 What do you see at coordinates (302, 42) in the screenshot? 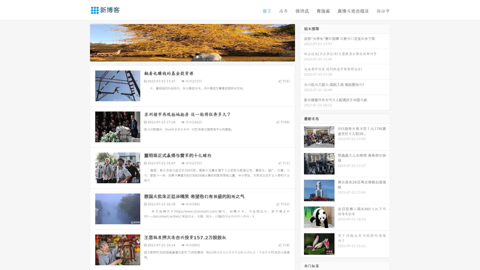
I see `Next slide` at bounding box center [302, 42].